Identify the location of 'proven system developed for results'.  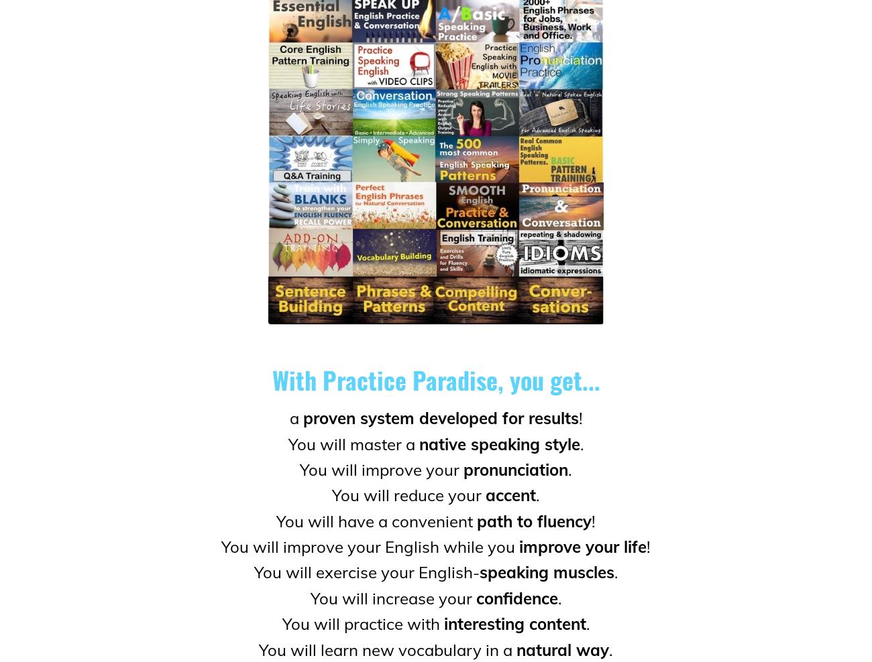
(439, 417).